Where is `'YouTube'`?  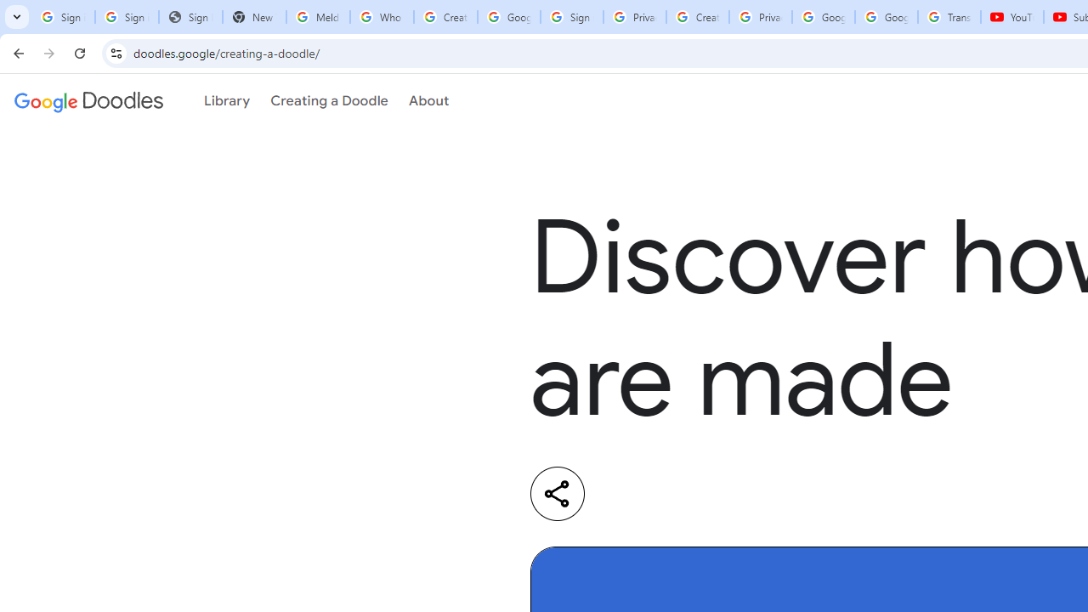
'YouTube' is located at coordinates (1012, 17).